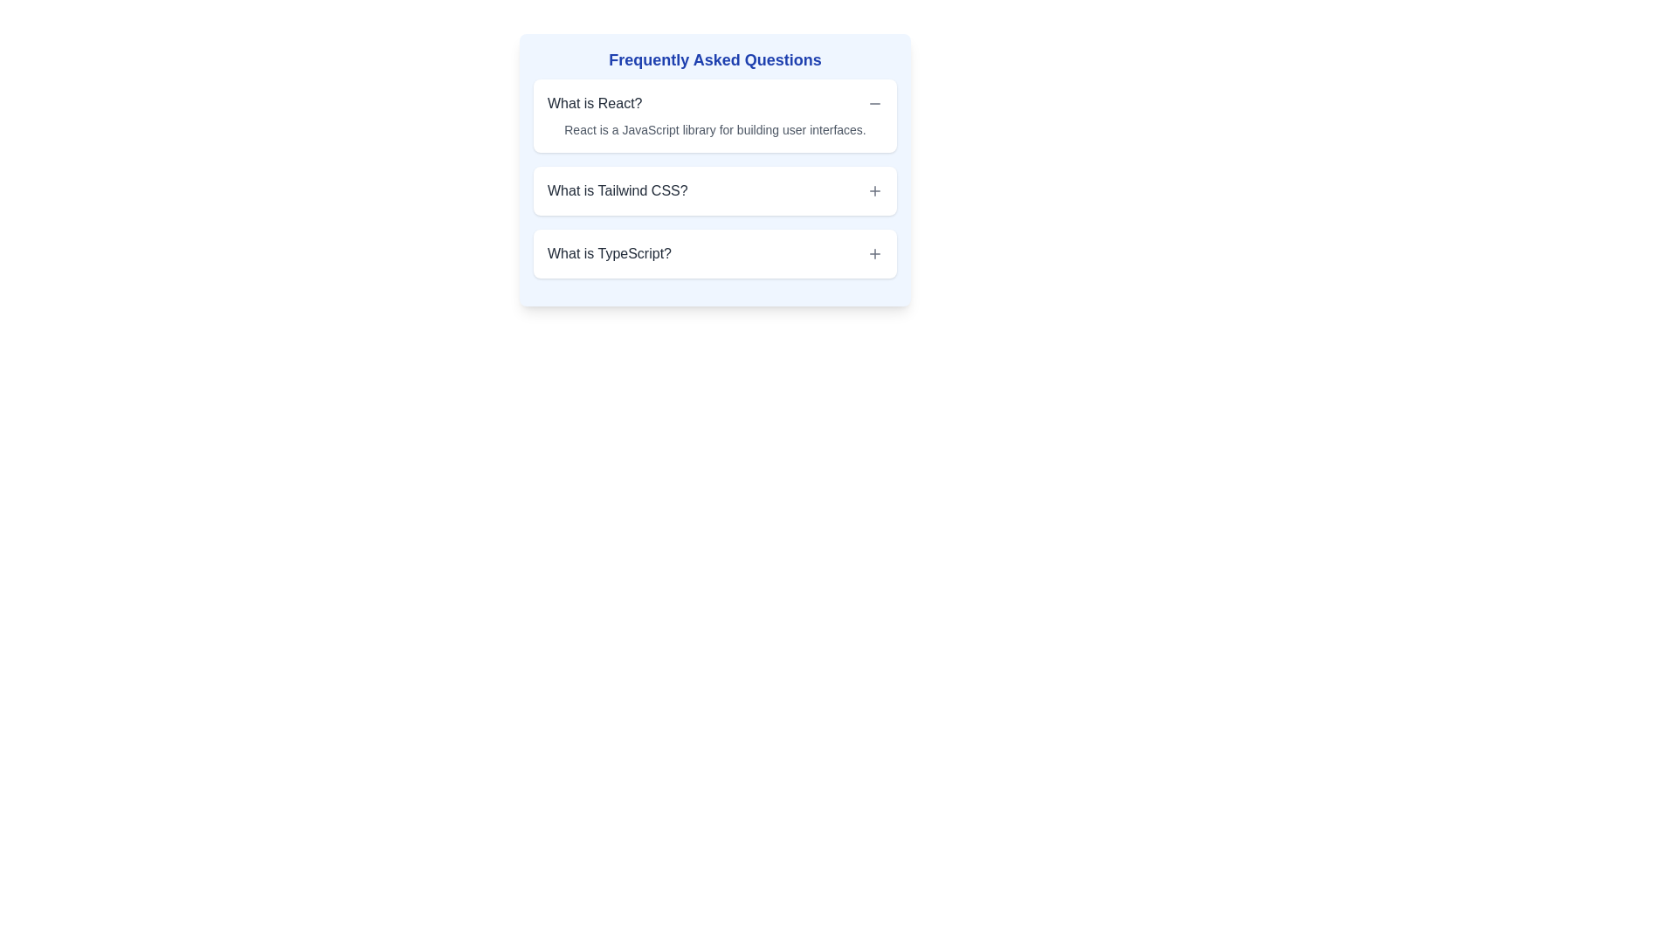  I want to click on the Text header element that serves as the question title in the collapsible FAQ section titled 'Frequently Asked Questions', so click(595, 104).